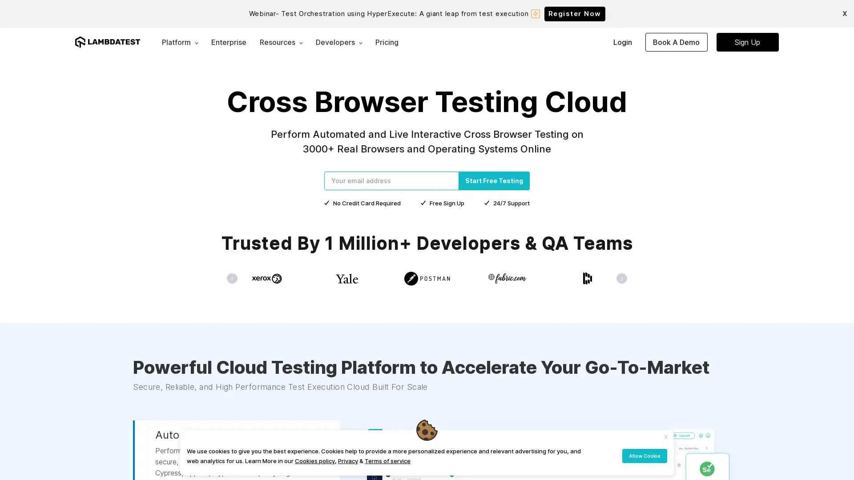 Image resolution: width=854 pixels, height=480 pixels. I want to click on Start Free Testing, so click(493, 180).